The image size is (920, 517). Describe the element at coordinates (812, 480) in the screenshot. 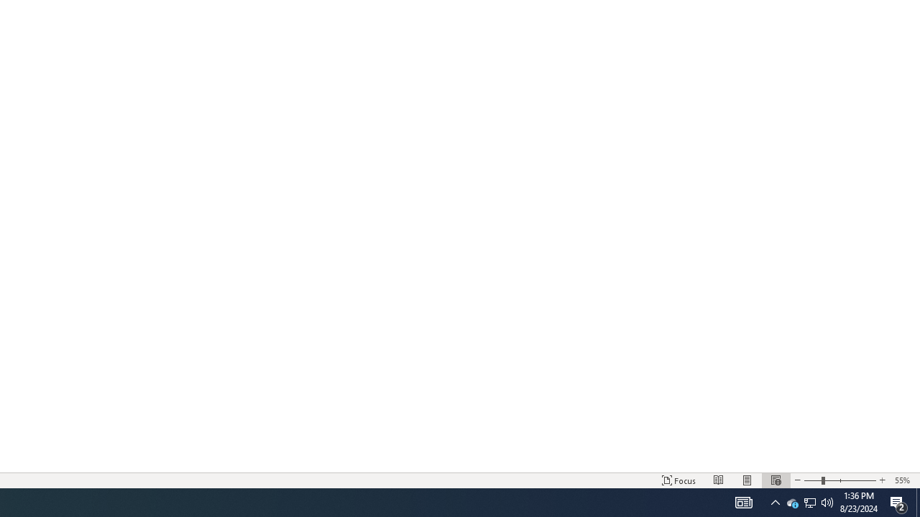

I see `'Zoom Out'` at that location.